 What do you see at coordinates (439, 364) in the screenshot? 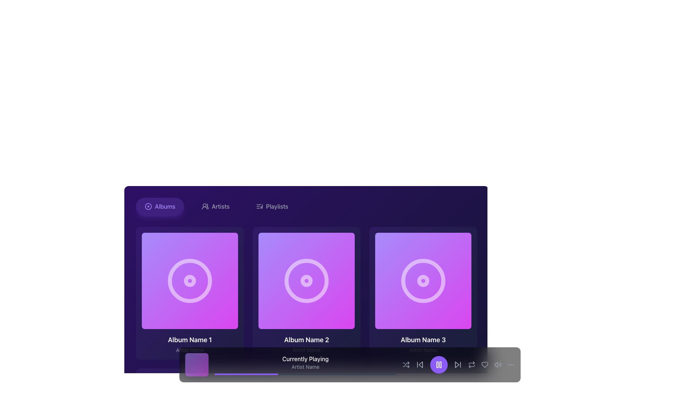
I see `the 'pause' button icon, which is white with two vertical rectangles on a circular purple background` at bounding box center [439, 364].